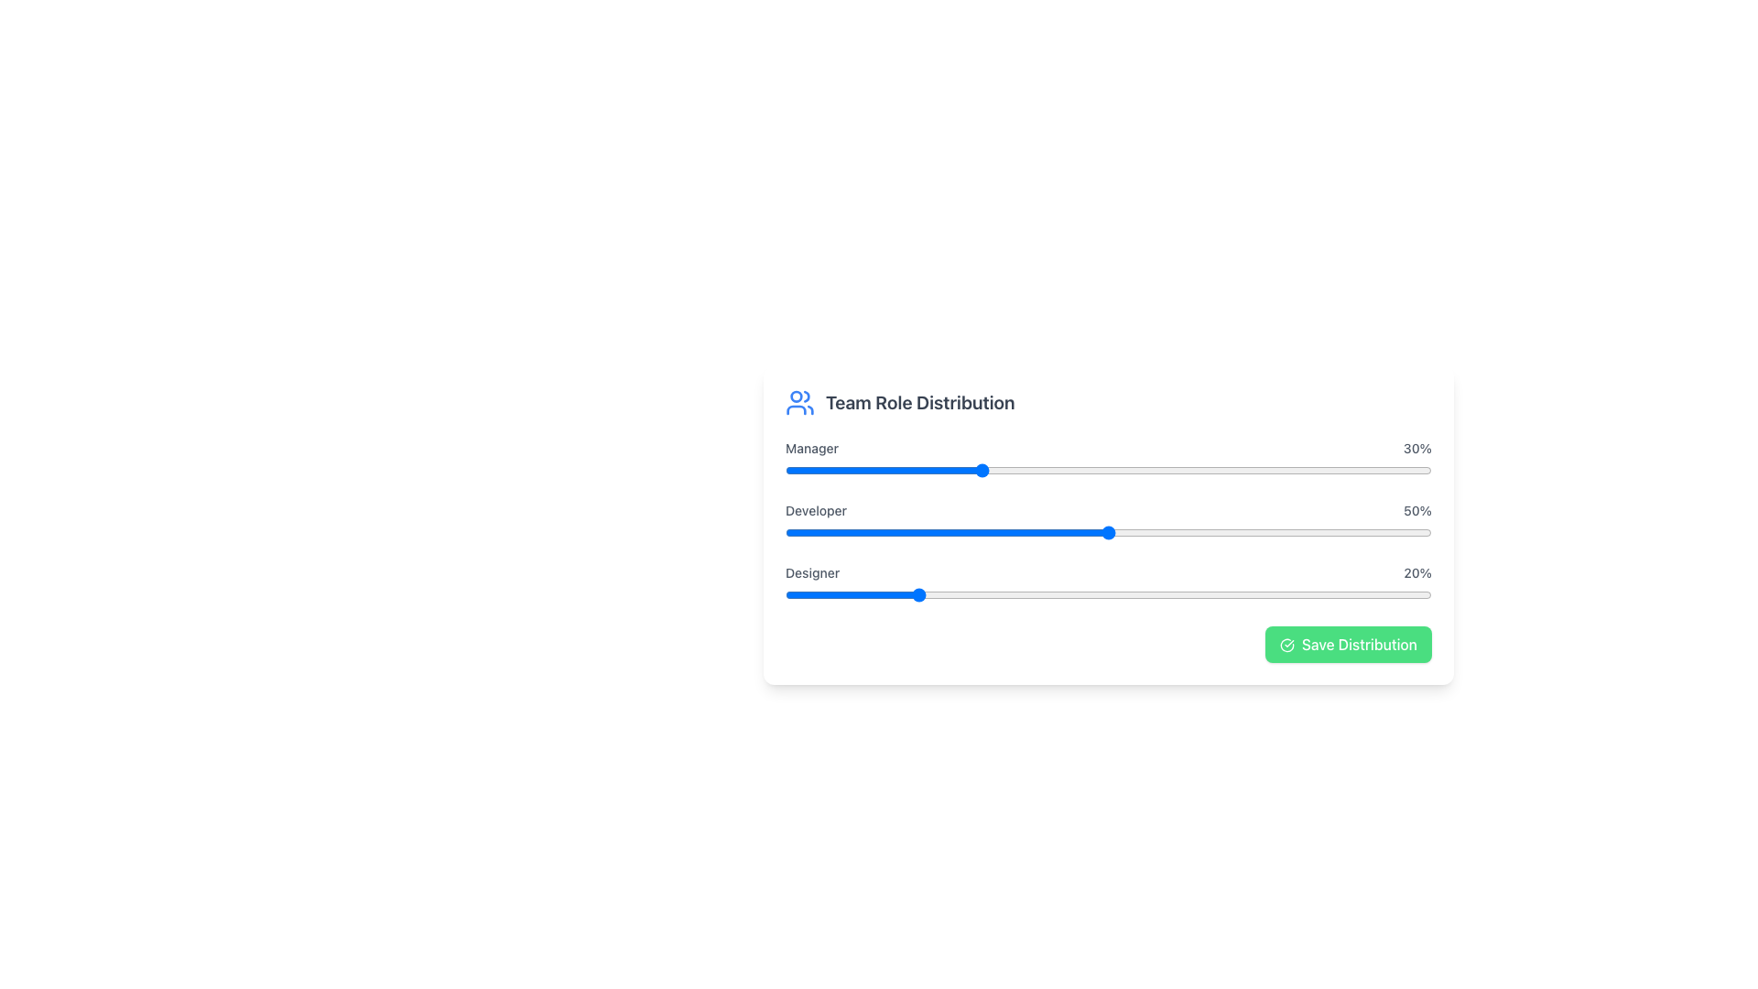 This screenshot has height=989, width=1758. Describe the element at coordinates (1286, 645) in the screenshot. I see `the circular checkmark icon with a green stroke located to the left of the 'Save Distribution' button text in the bottom-right corner of the card interface` at that location.